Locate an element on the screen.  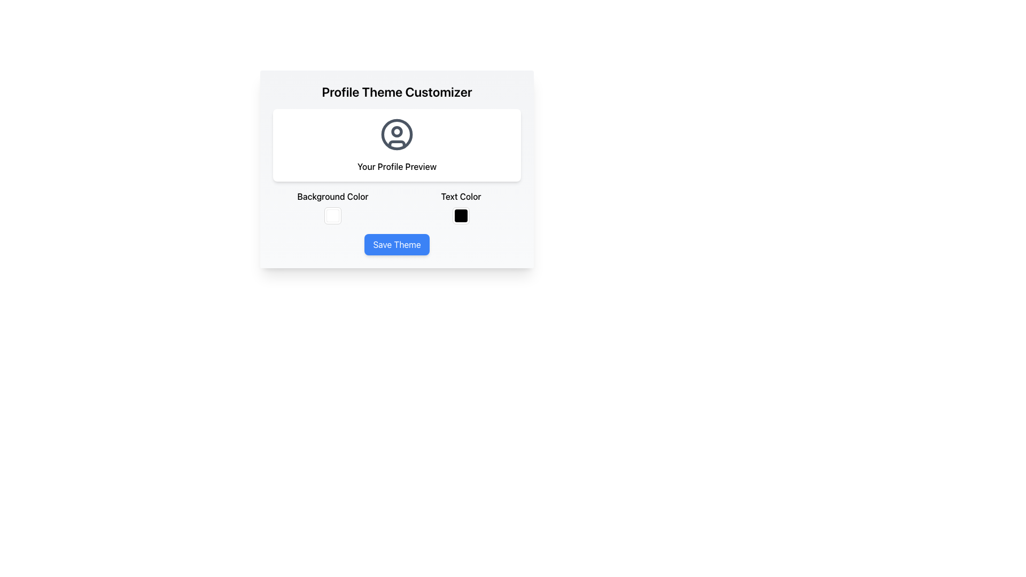
the user profile image icon located in the 'Your Profile Preview' section, directly above the 'Your Profile Preview' text is located at coordinates (397, 134).